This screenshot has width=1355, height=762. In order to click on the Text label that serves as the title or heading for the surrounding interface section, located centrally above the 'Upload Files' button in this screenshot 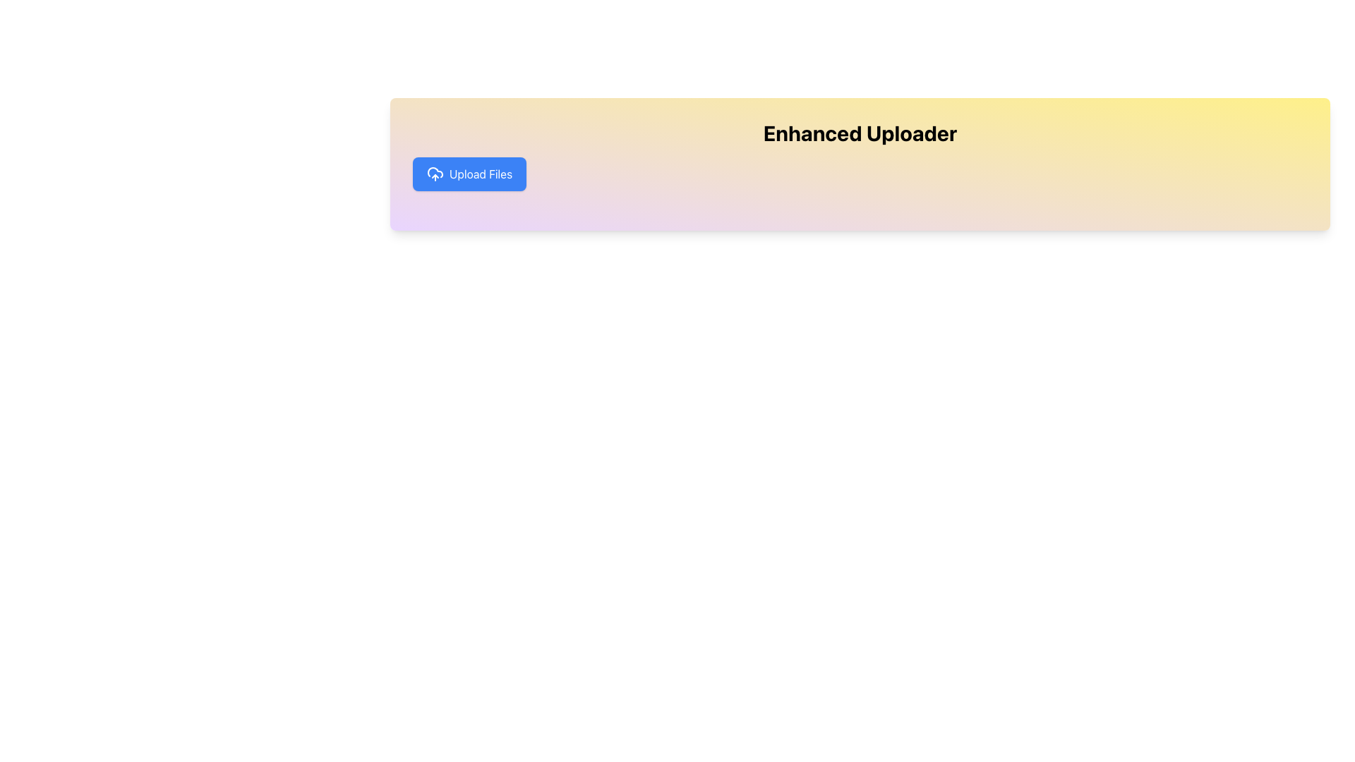, I will do `click(860, 133)`.